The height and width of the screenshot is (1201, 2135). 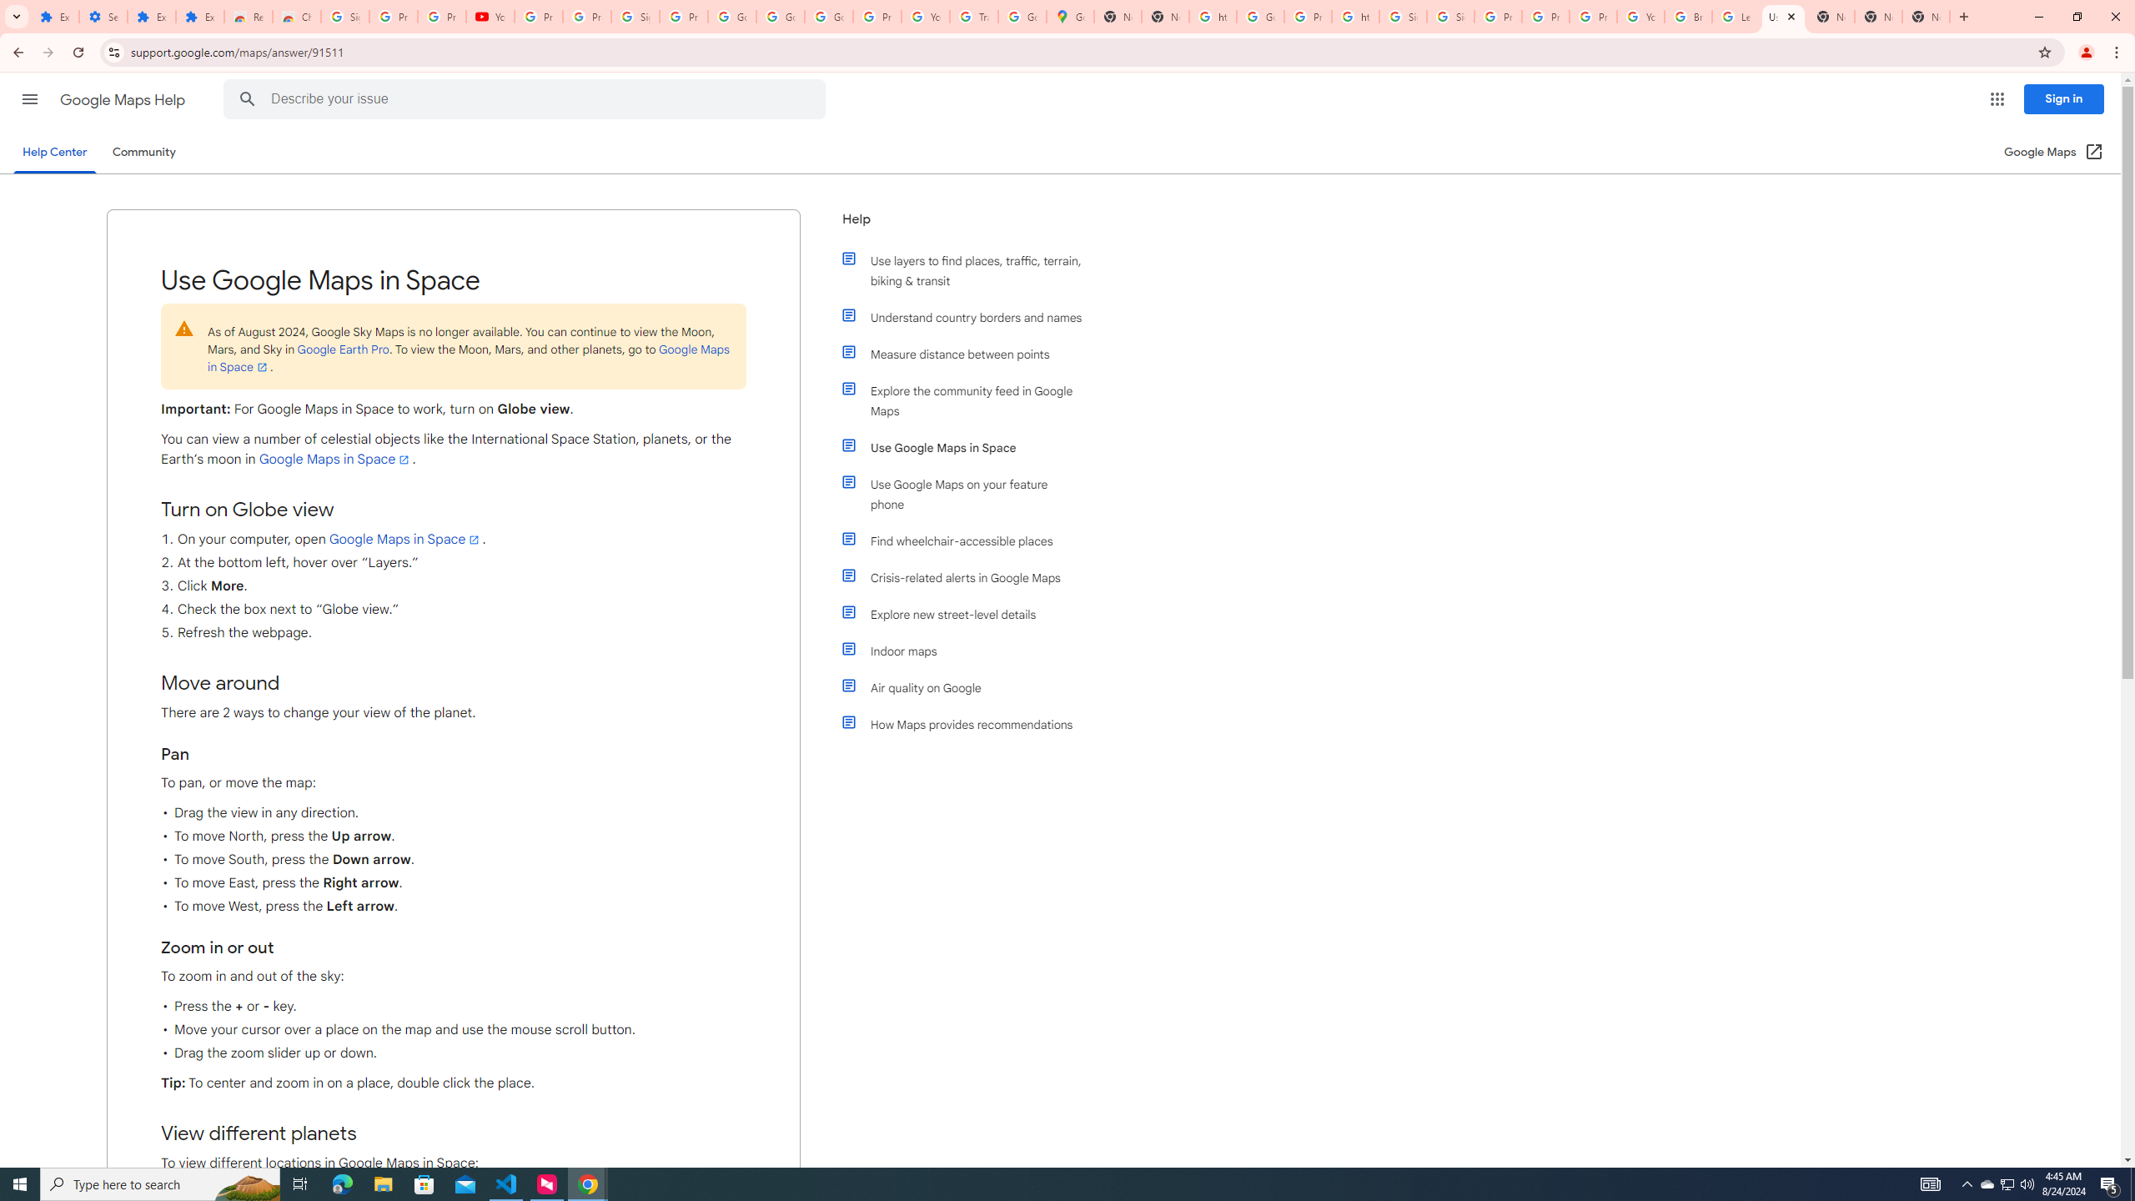 I want to click on 'YouTube', so click(x=490, y=16).